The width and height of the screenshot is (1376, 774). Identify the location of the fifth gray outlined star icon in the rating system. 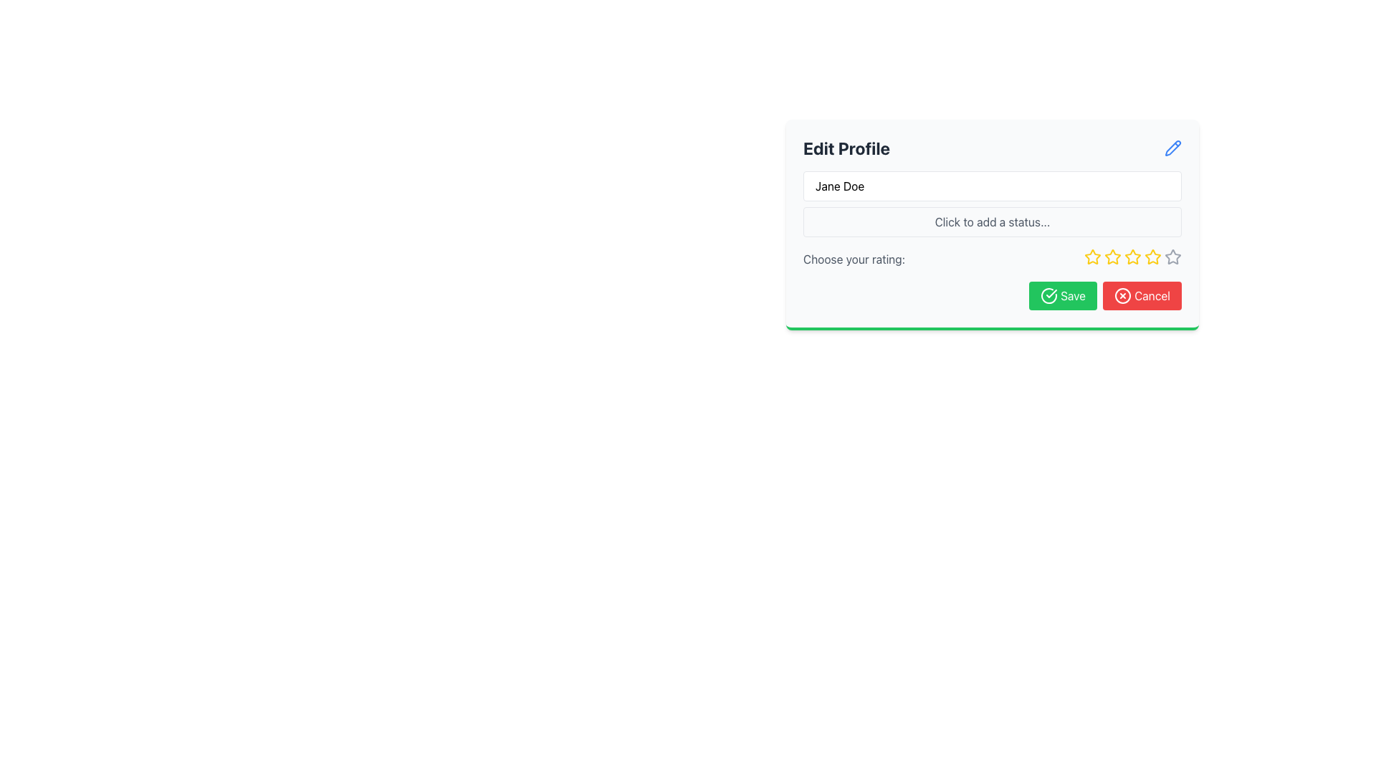
(1172, 256).